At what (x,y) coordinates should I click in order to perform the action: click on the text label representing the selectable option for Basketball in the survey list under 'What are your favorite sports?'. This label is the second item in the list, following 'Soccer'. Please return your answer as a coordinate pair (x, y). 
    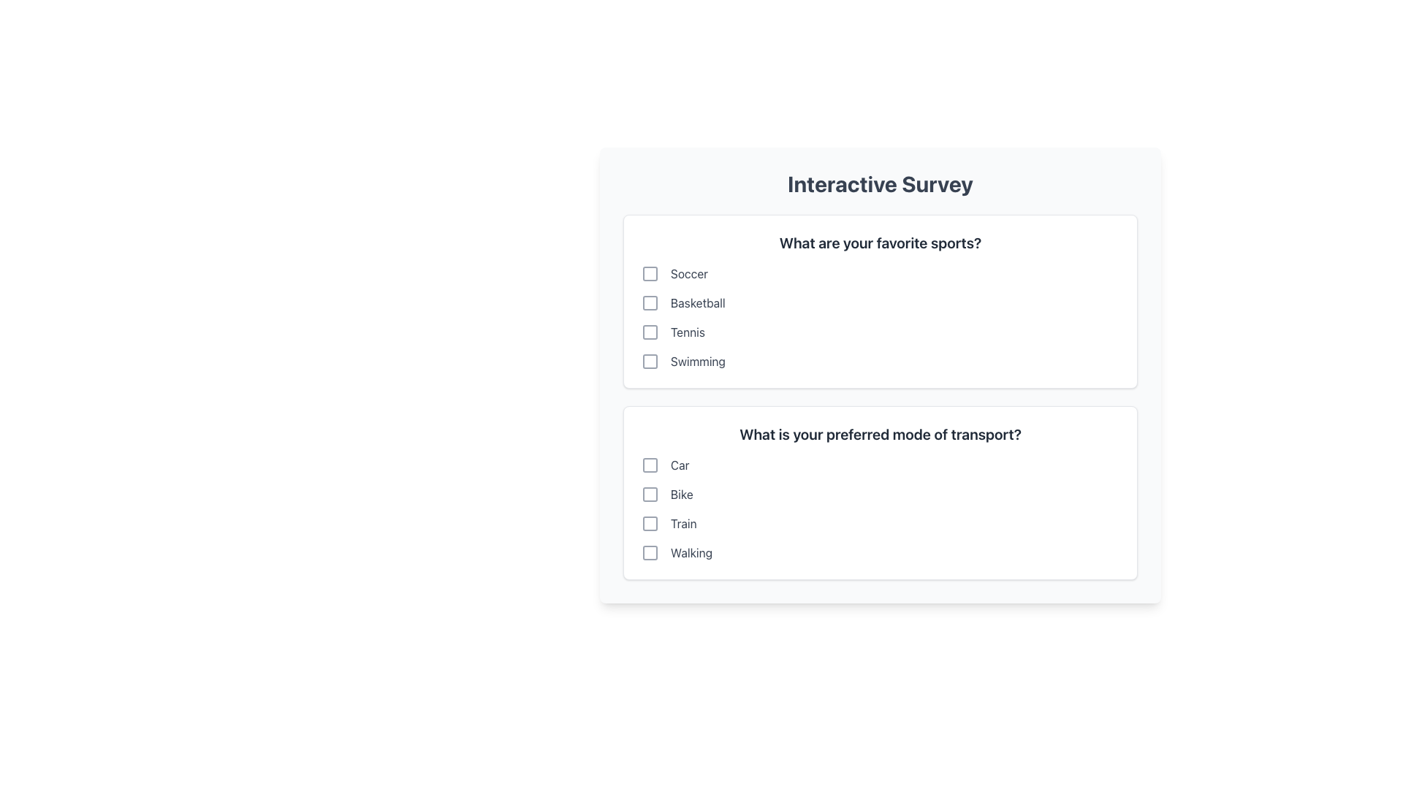
    Looking at the image, I should click on (697, 302).